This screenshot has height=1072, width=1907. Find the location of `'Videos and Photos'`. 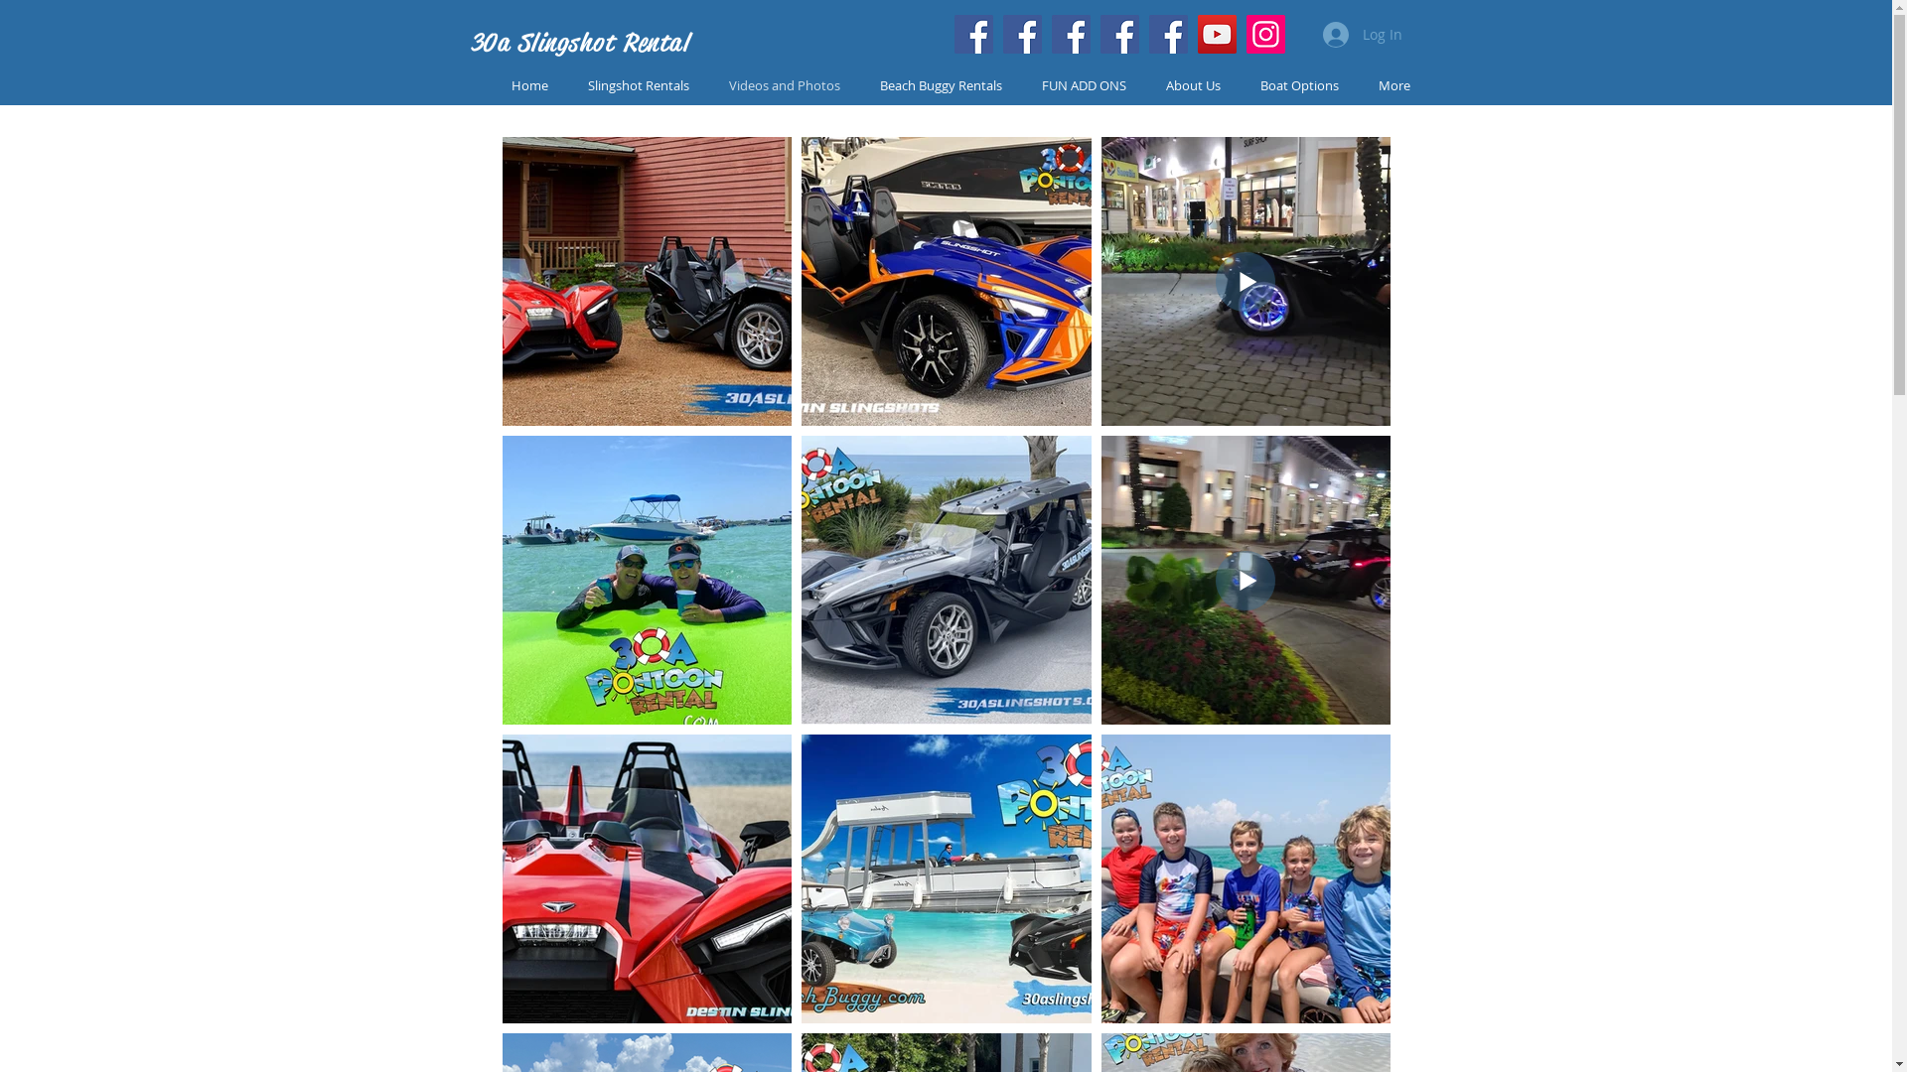

'Videos and Photos' is located at coordinates (784, 84).